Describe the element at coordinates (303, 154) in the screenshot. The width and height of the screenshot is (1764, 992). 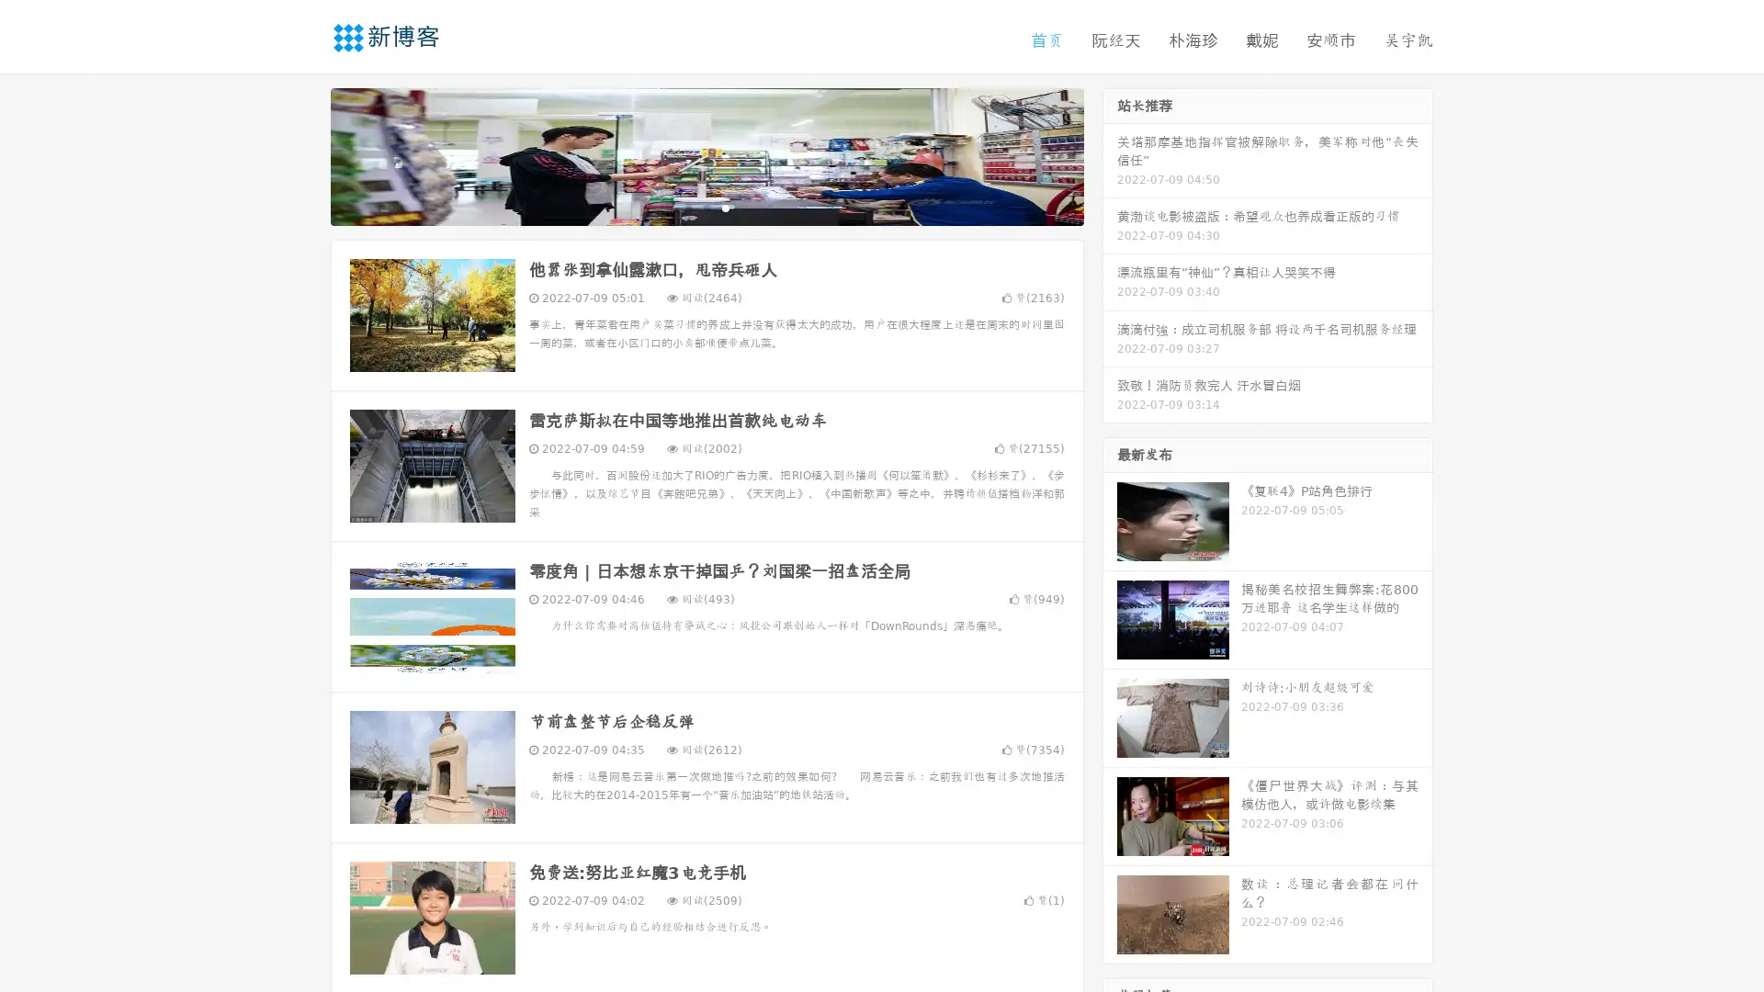
I see `Previous slide` at that location.